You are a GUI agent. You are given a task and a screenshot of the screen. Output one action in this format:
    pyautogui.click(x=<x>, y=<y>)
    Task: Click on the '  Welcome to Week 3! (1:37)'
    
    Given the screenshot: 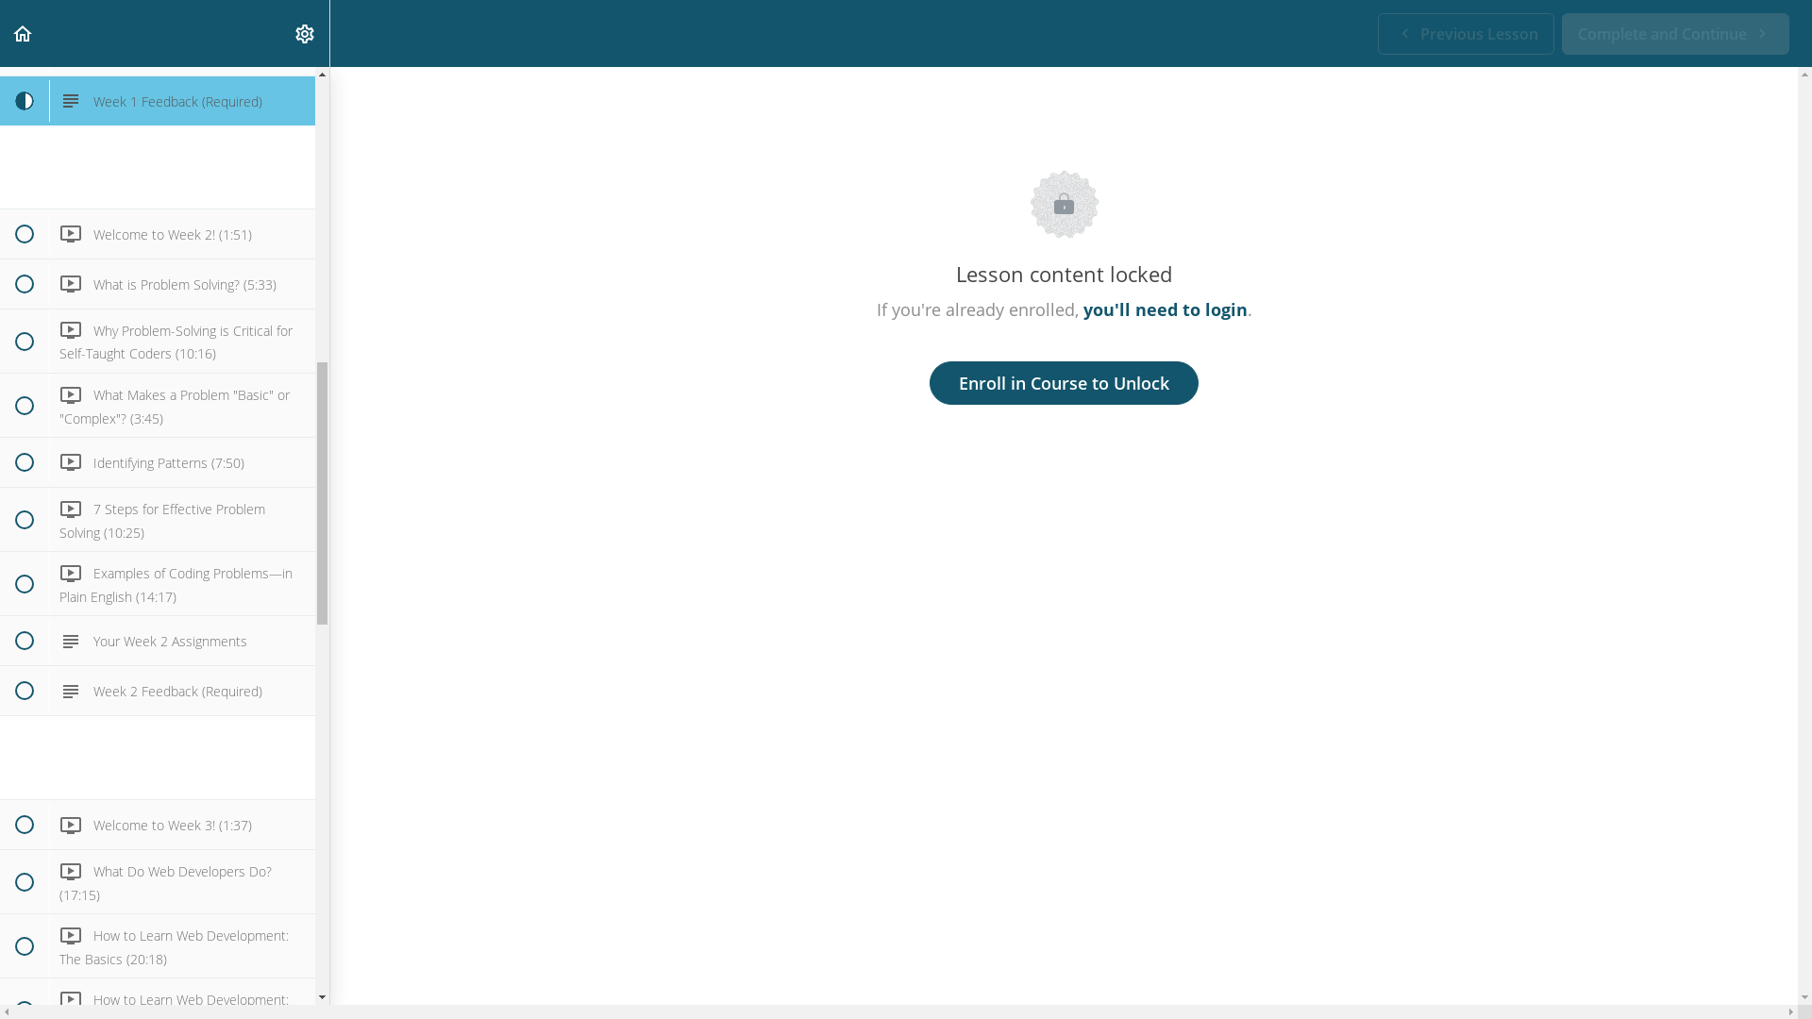 What is the action you would take?
    pyautogui.click(x=158, y=824)
    